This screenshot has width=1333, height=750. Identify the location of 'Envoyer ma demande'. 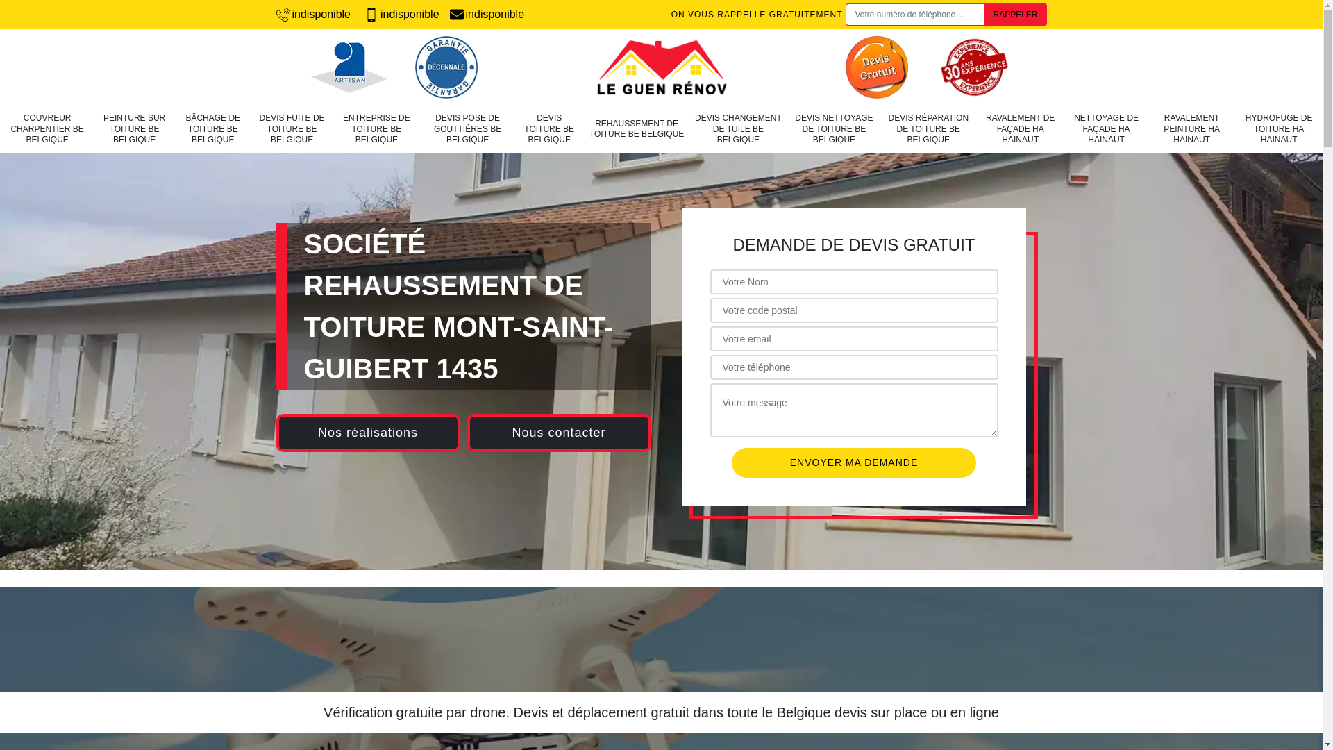
(853, 462).